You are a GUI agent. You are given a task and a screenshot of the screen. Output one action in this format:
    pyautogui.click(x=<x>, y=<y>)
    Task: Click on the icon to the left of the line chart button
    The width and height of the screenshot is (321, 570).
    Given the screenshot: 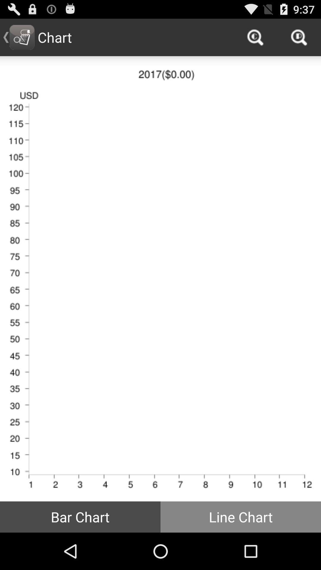 What is the action you would take?
    pyautogui.click(x=80, y=517)
    